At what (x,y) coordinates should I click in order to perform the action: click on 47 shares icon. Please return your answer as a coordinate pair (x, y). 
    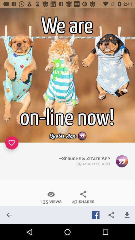
    Looking at the image, I should click on (83, 197).